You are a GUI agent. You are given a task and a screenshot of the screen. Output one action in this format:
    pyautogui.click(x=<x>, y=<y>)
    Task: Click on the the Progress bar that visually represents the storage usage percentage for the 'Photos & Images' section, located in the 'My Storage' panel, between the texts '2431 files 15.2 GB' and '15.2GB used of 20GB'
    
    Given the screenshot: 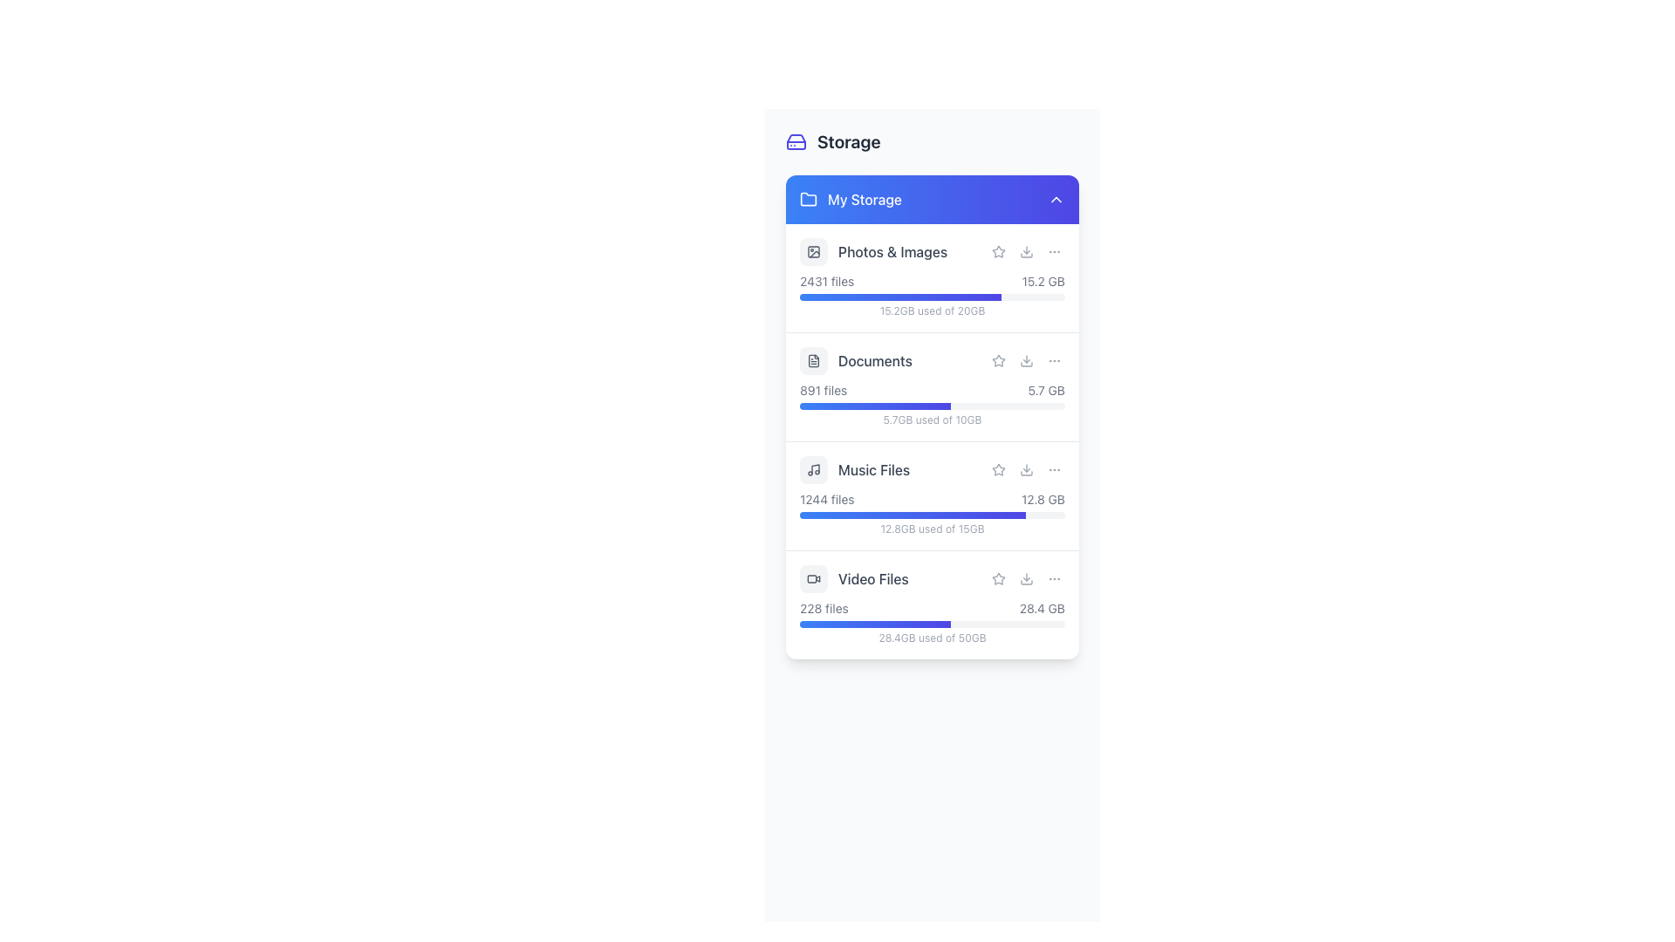 What is the action you would take?
    pyautogui.click(x=932, y=296)
    